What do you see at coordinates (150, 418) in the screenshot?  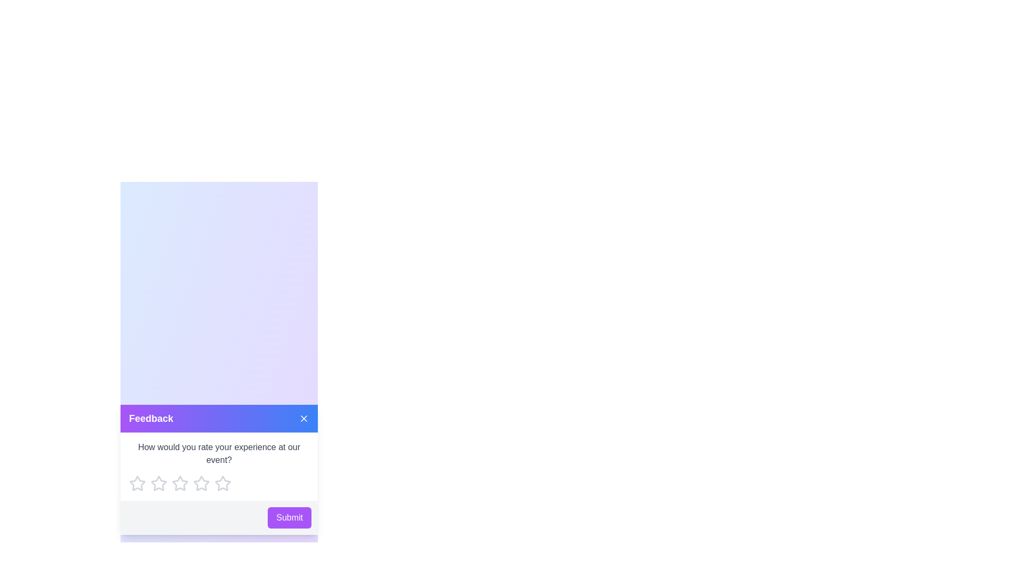 I see `the text label 'Feedback' which is styled with a bold font and located in the left section of a gradient header at the top of a feedback card` at bounding box center [150, 418].